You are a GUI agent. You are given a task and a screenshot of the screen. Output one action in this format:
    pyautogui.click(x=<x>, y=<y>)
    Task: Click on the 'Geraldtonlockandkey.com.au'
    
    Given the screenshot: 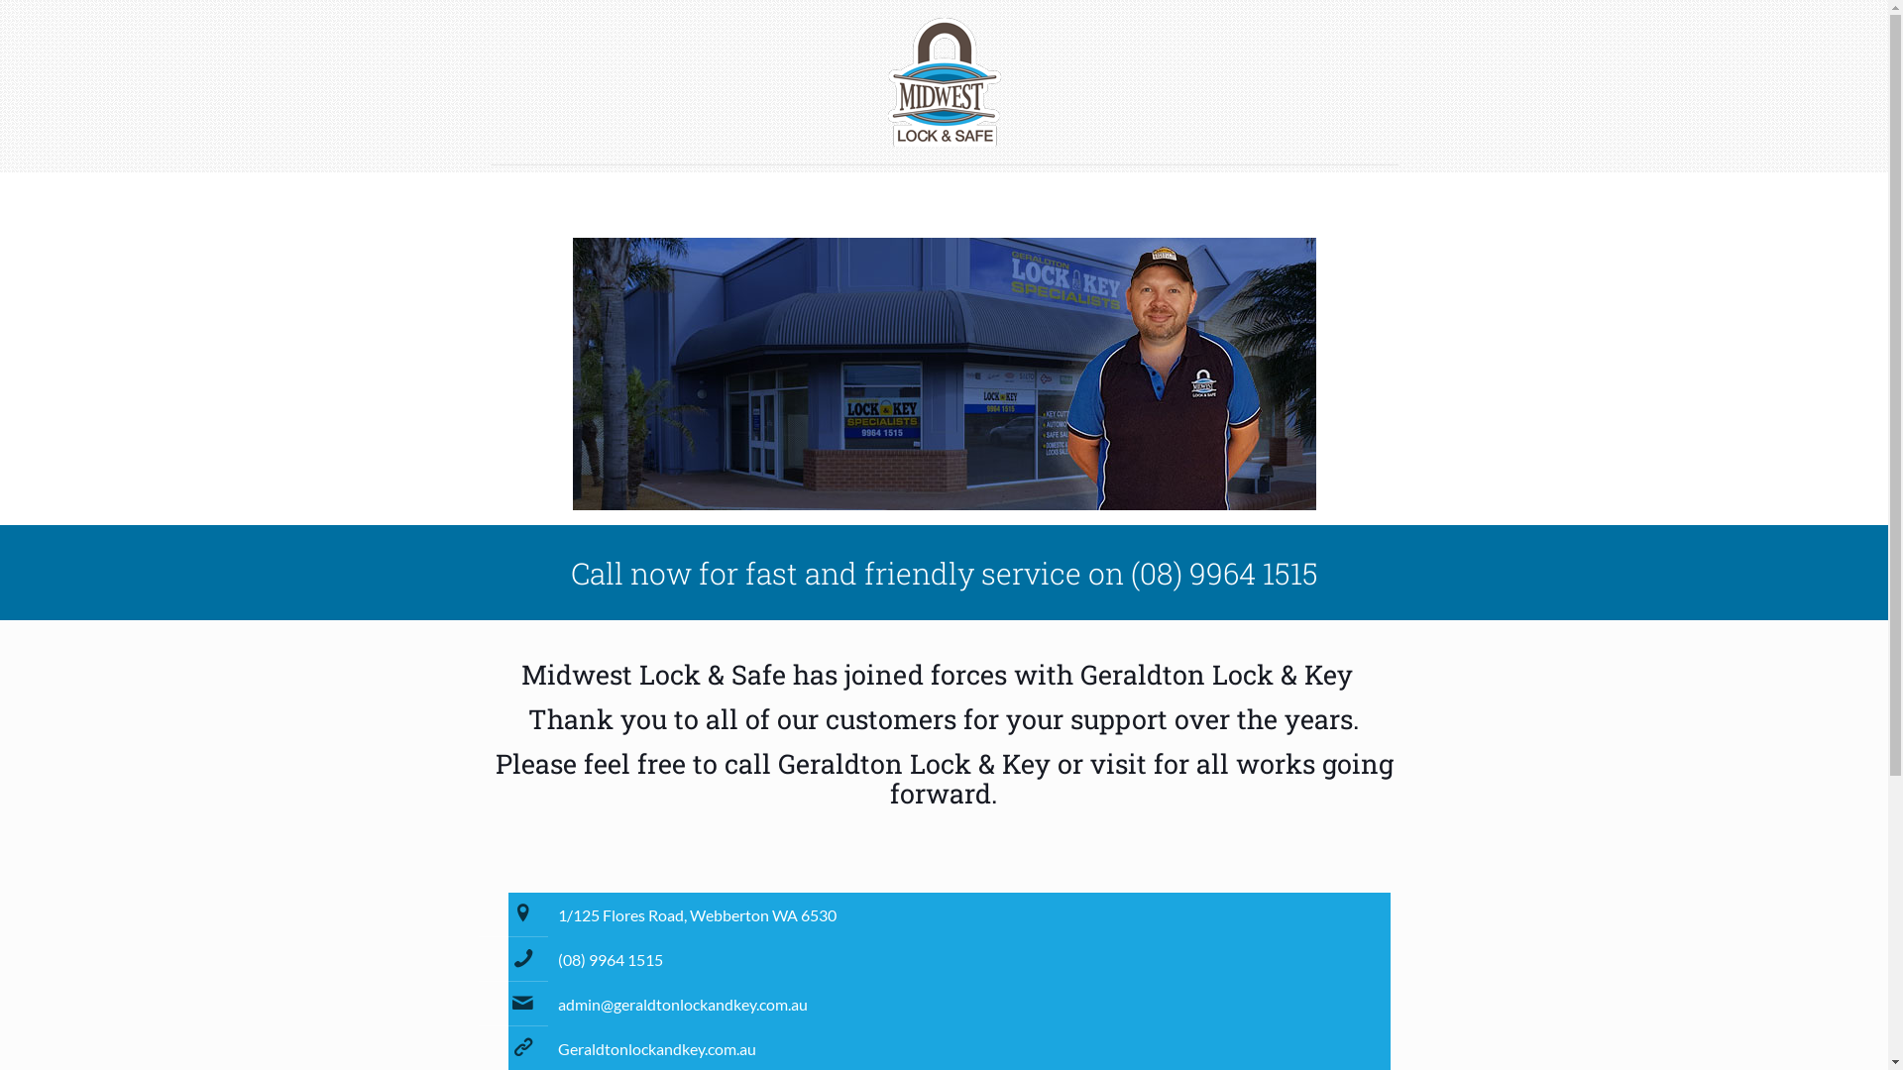 What is the action you would take?
    pyautogui.click(x=656, y=1047)
    